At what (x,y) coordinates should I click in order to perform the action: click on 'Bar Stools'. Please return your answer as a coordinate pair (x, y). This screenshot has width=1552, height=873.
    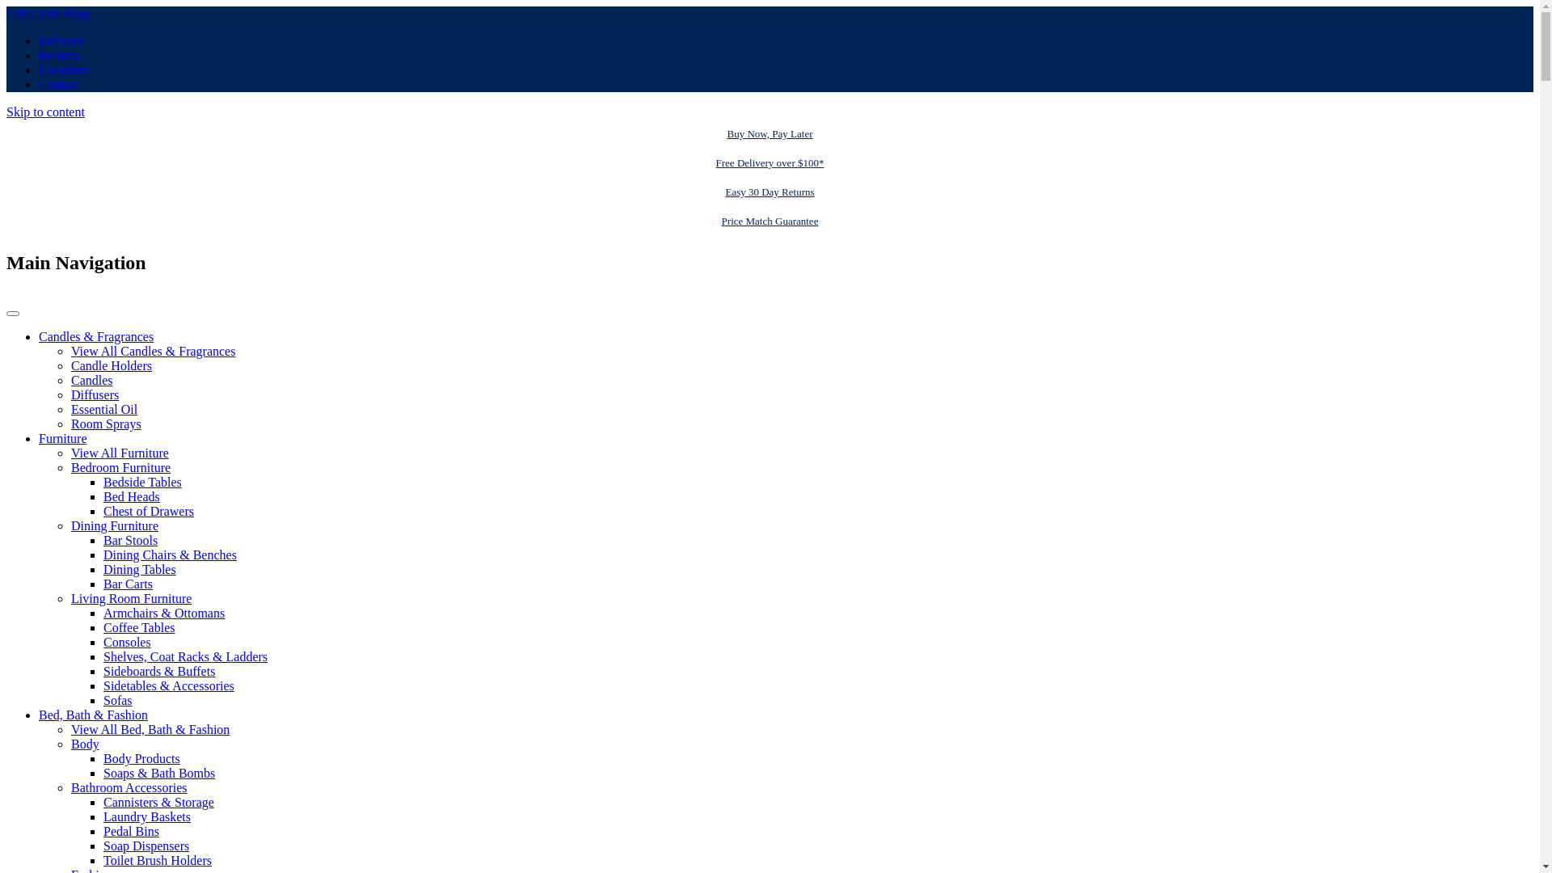
    Looking at the image, I should click on (130, 540).